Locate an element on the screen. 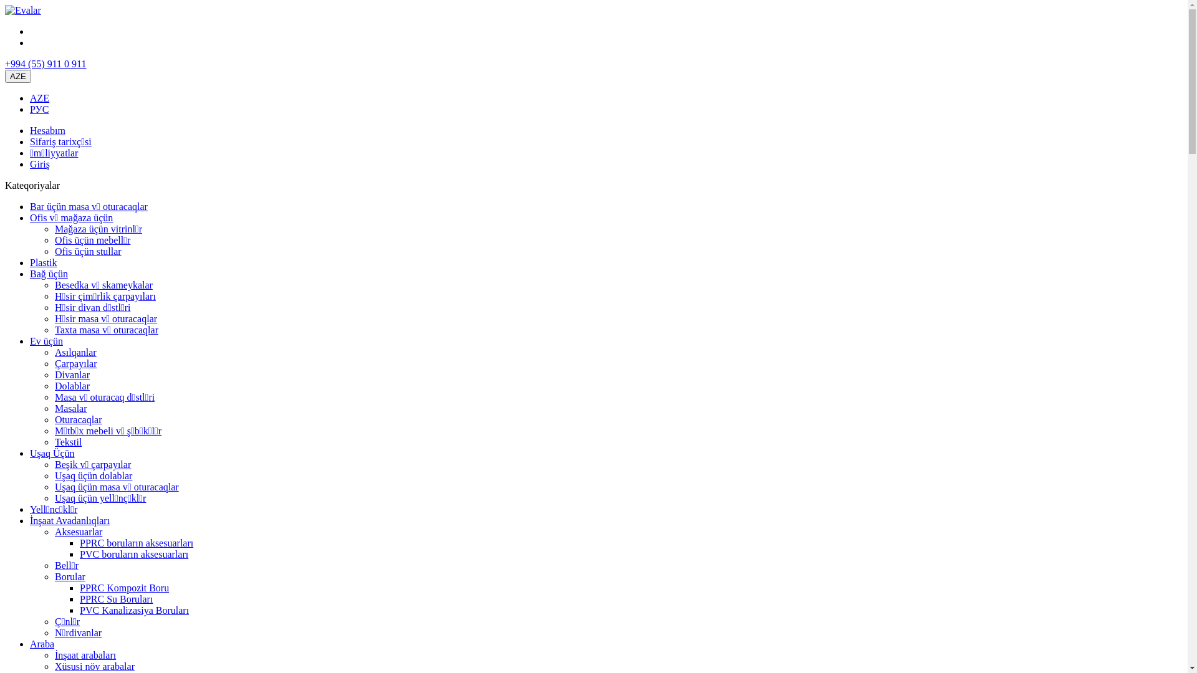 The width and height of the screenshot is (1197, 673). 'Dolablar' is located at coordinates (71, 385).